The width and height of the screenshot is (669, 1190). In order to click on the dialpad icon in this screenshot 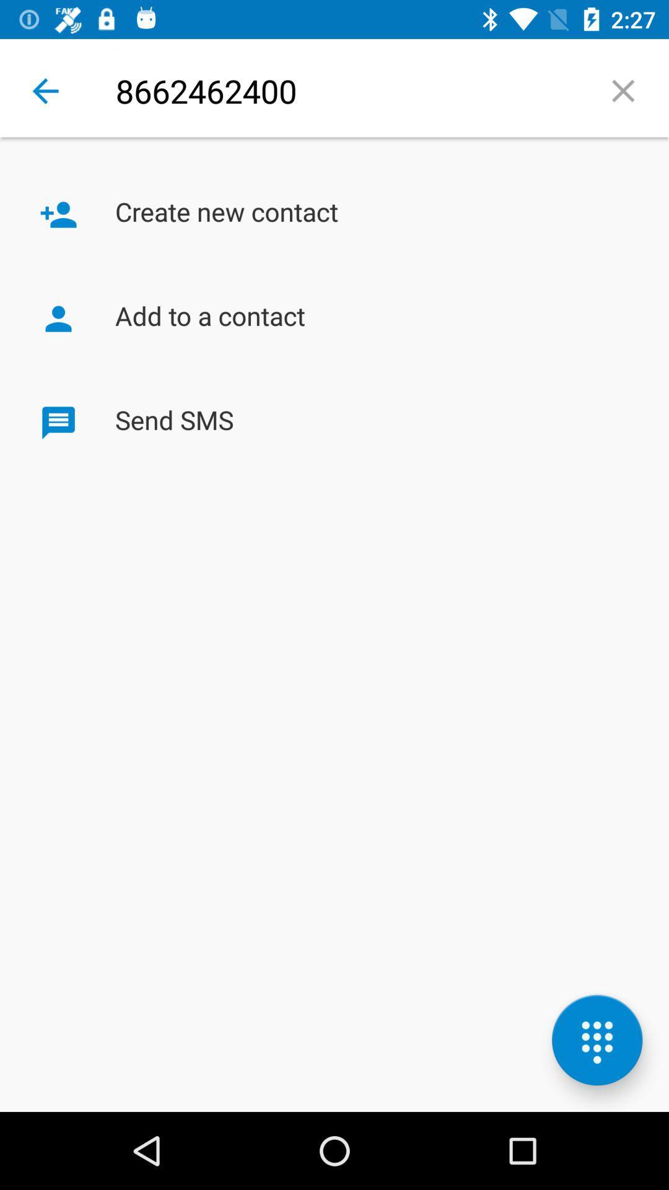, I will do `click(597, 1040)`.